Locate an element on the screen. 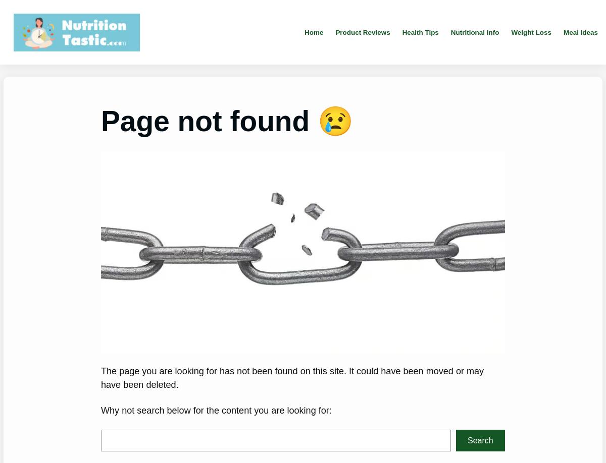  'Home' is located at coordinates (314, 32).